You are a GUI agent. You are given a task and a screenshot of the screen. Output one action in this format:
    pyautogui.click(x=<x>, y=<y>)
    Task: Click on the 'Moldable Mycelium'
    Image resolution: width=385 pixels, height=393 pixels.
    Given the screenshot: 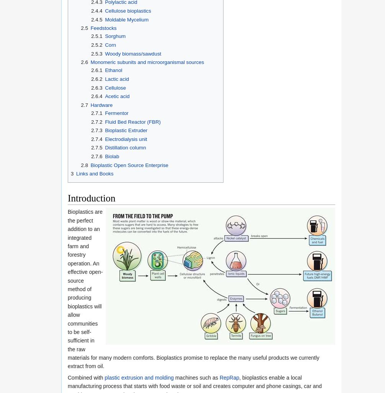 What is the action you would take?
    pyautogui.click(x=126, y=19)
    